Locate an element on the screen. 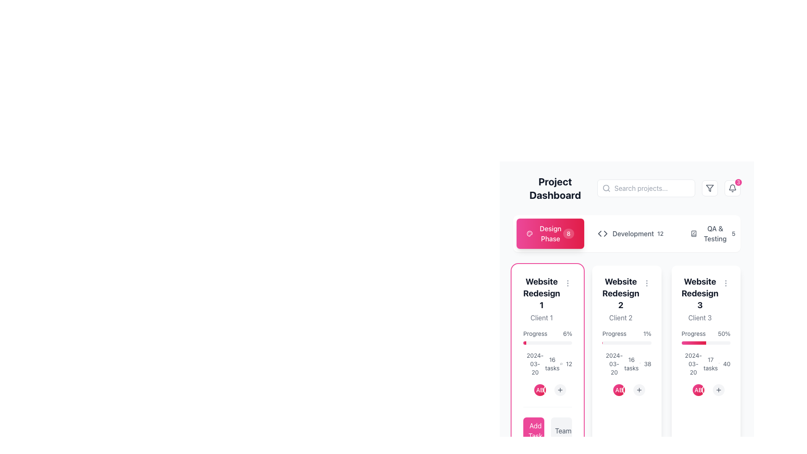 Image resolution: width=807 pixels, height=454 pixels. the Text component displaying '16 tasks' with a clock icon, positioned in the second column of a 3-column grid layout, below a progress indicator and above task-related information is located at coordinates (627, 364).